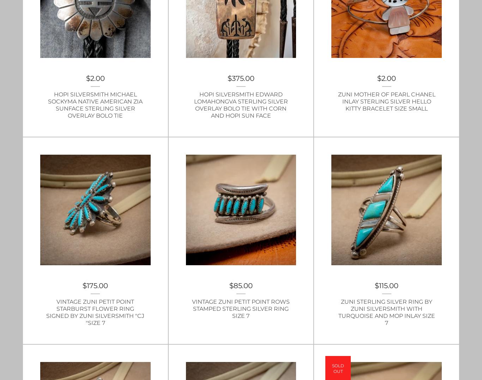  What do you see at coordinates (95, 104) in the screenshot?
I see `'Hopi Silversmith Michael Sockyma Native American Zia Sunface Sterling Silver Overlay Bolo Tie'` at bounding box center [95, 104].